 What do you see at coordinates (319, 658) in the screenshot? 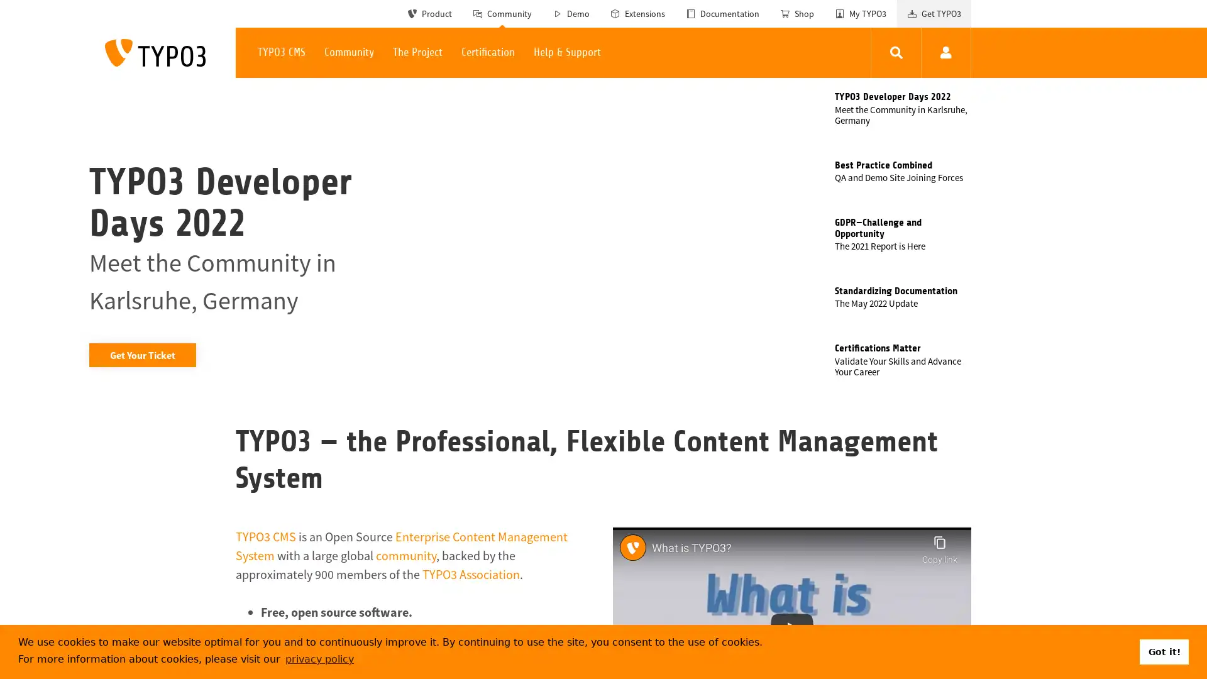
I see `learn more about cookies` at bounding box center [319, 658].